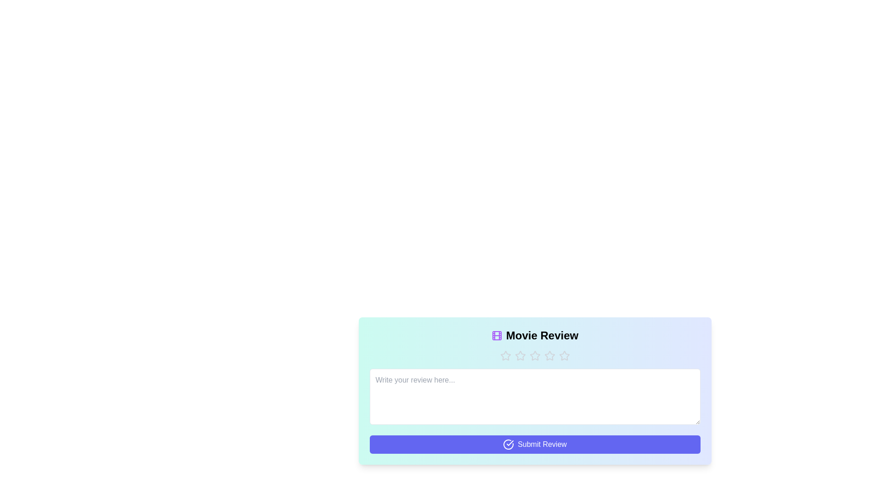  Describe the element at coordinates (505, 355) in the screenshot. I see `the button with text 'Star 1' to observe its hover effect` at that location.